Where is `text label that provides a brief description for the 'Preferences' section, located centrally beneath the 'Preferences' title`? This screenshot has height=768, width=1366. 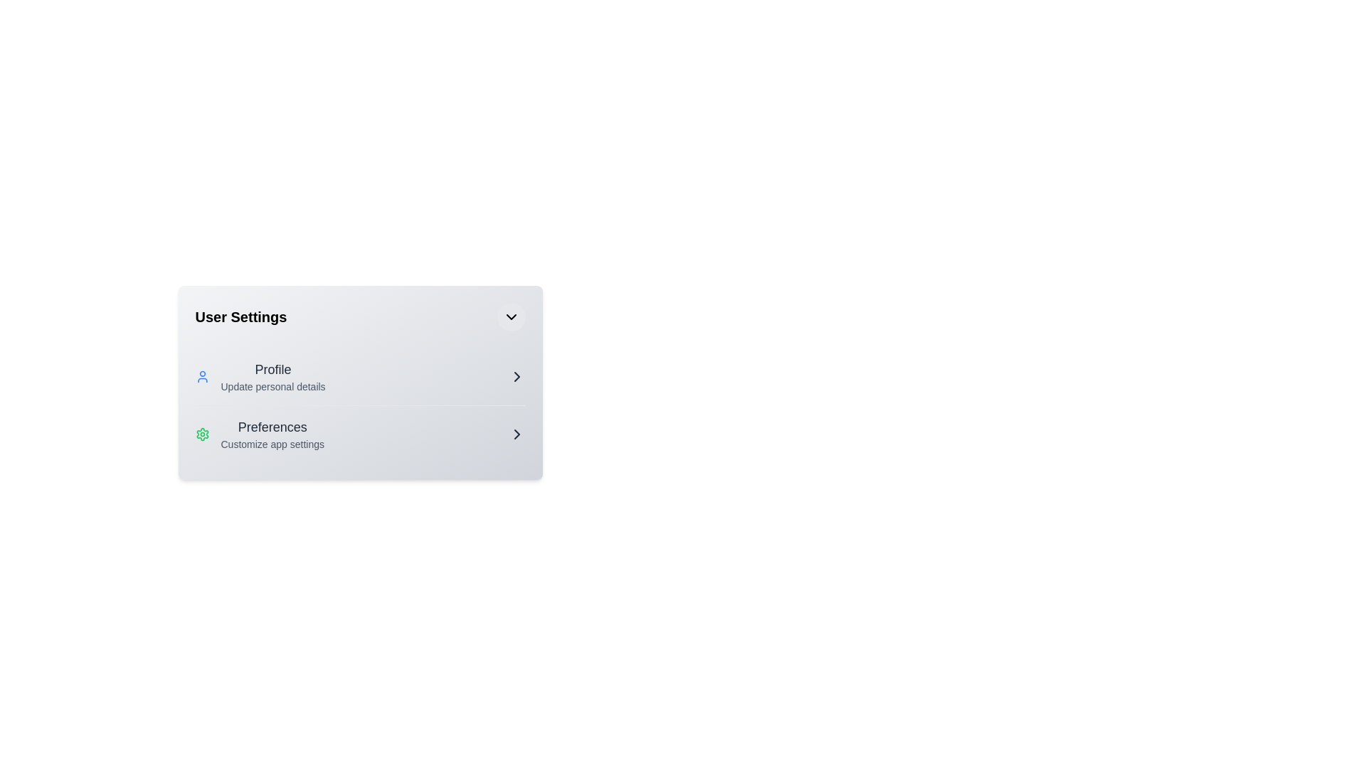
text label that provides a brief description for the 'Preferences' section, located centrally beneath the 'Preferences' title is located at coordinates (272, 443).